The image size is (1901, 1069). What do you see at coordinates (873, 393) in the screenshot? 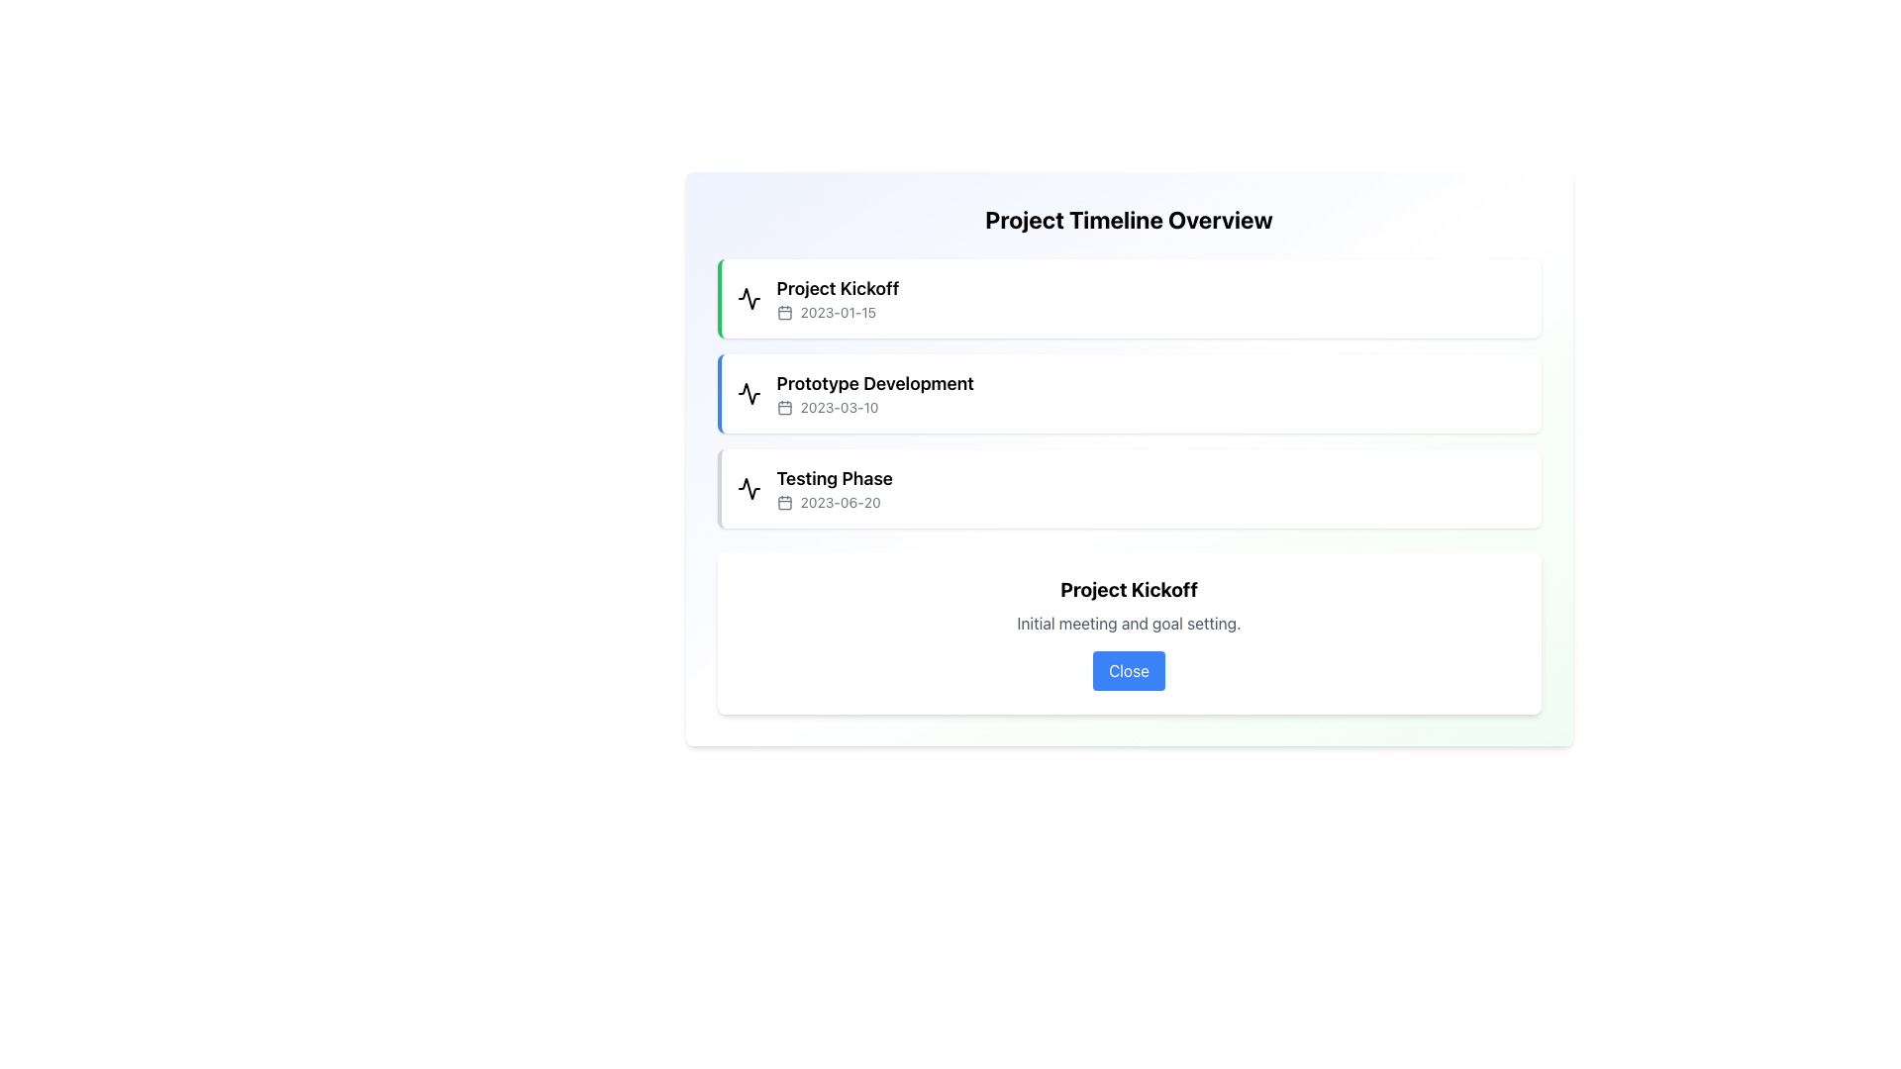
I see `the 'Prototype Development' text label with icon to initiate related actions` at bounding box center [873, 393].